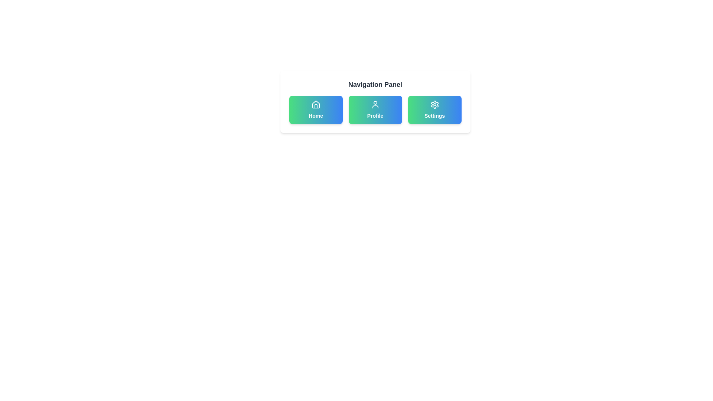 The height and width of the screenshot is (401, 713). Describe the element at coordinates (316, 110) in the screenshot. I see `the home navigation button located at the center of the top section of the interface, which is the first option in the horizontal navigation panel` at that location.